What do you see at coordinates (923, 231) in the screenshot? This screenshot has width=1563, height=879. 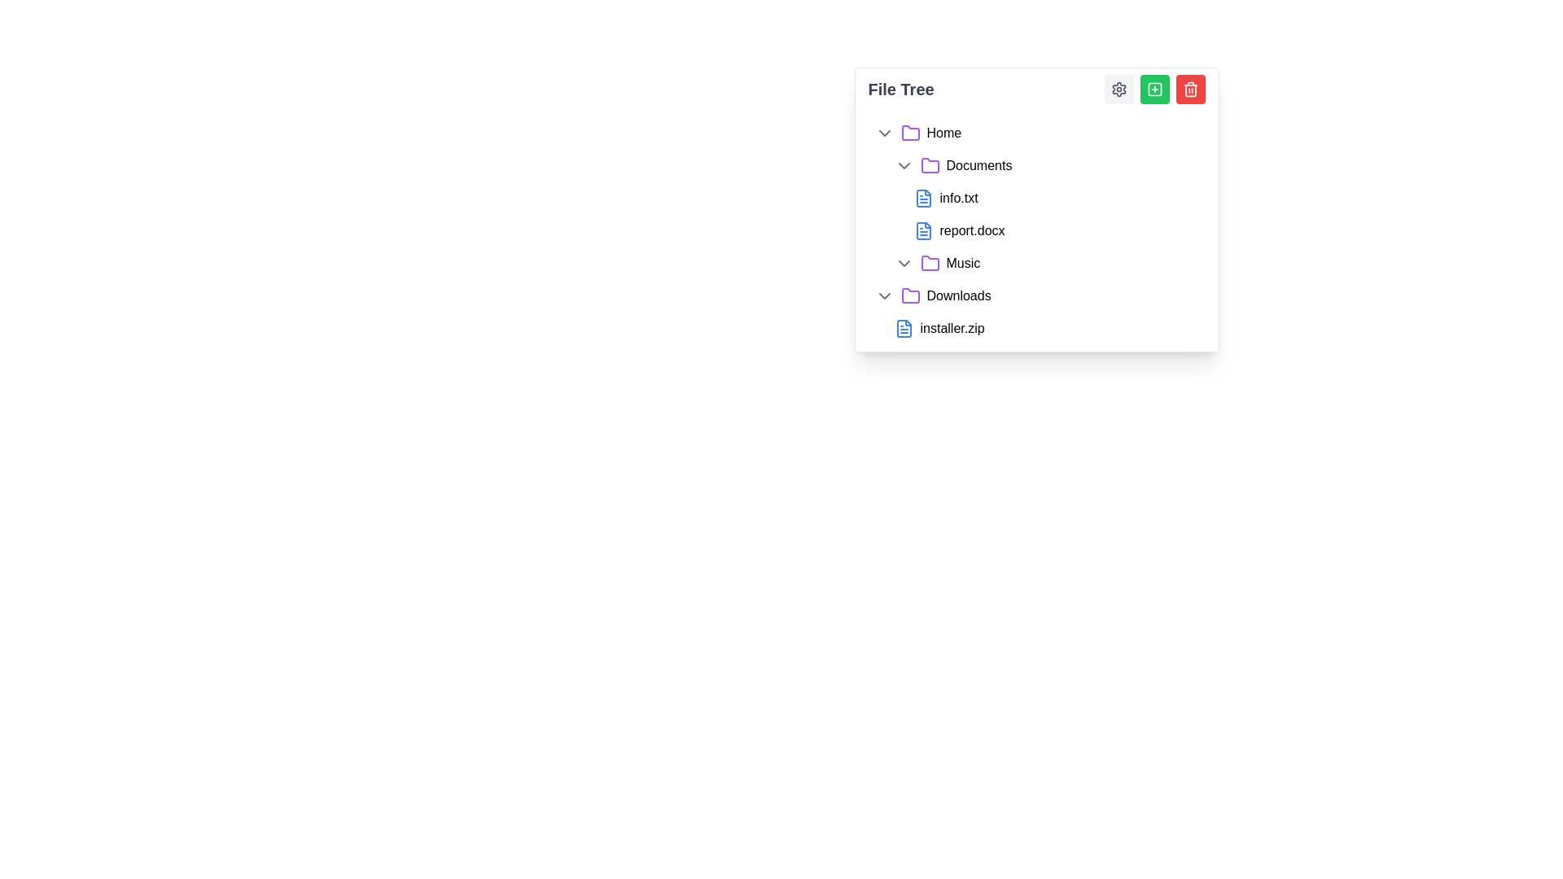 I see `the icon representing the file type for 'report.docx', located immediately to the left of the text 'report.docx' in the file tree interface` at bounding box center [923, 231].